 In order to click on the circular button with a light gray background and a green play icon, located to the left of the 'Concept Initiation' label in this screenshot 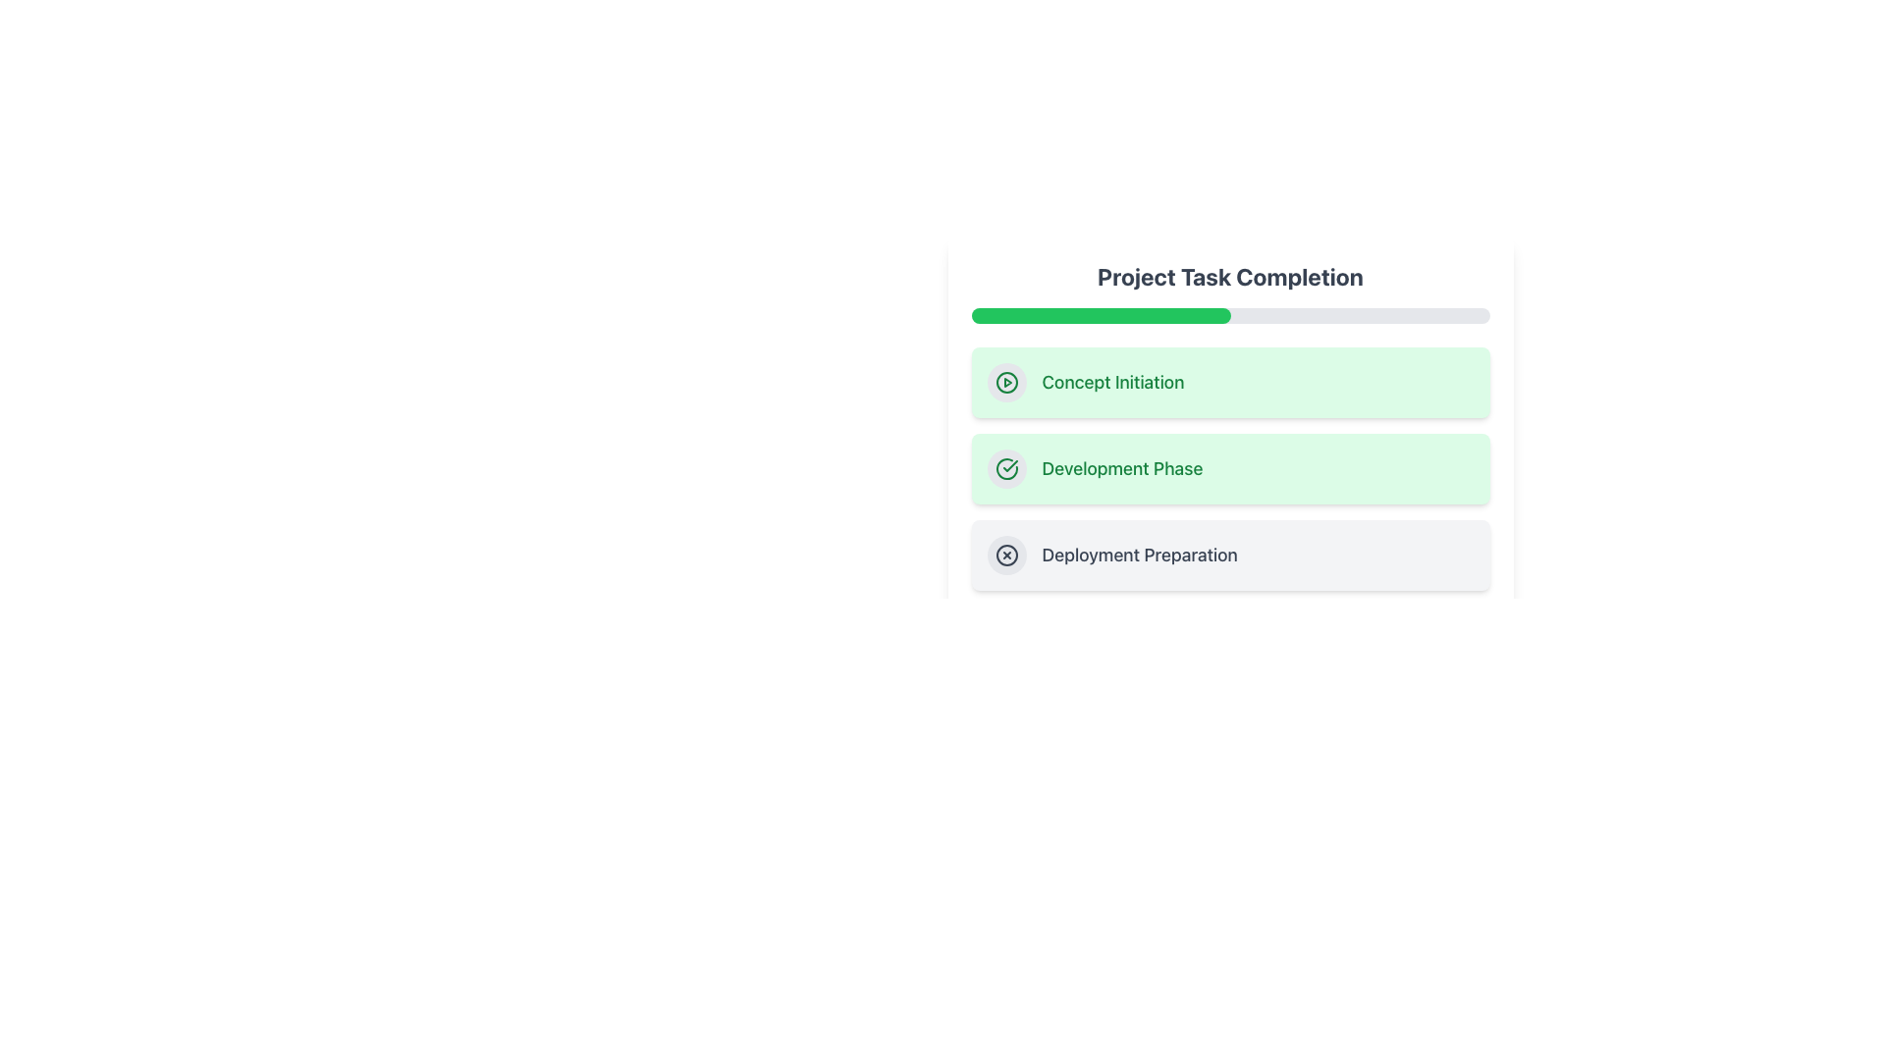, I will do `click(1006, 382)`.